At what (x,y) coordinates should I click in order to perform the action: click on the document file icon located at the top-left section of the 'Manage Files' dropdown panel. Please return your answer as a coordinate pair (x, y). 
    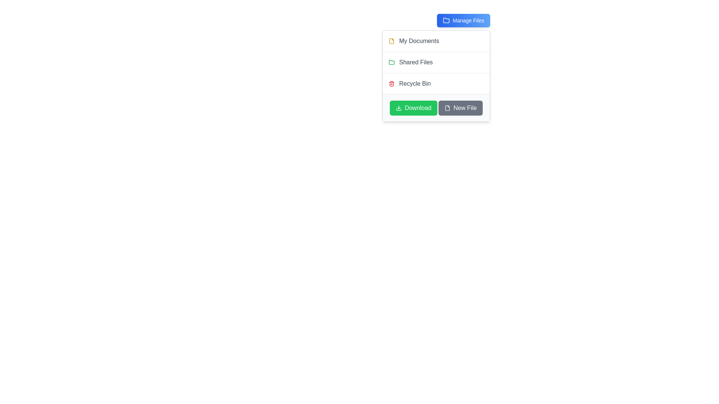
    Looking at the image, I should click on (391, 41).